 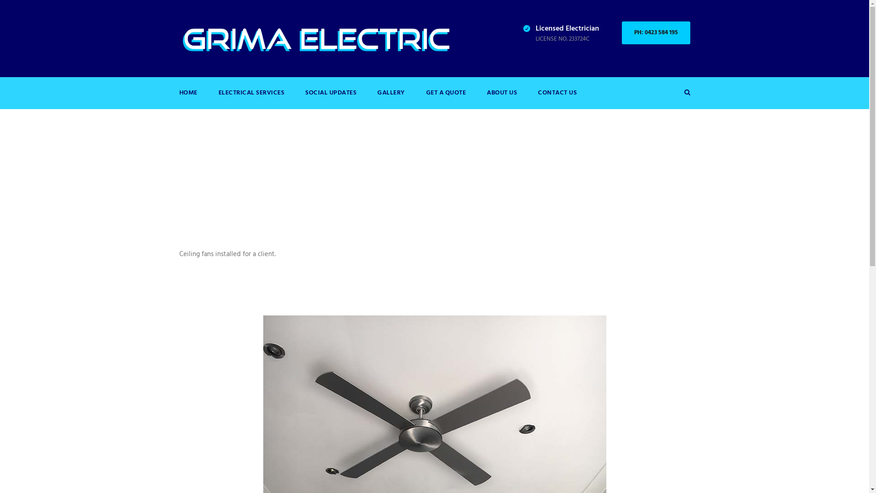 I want to click on 'ELECTRICAL SERVICES', so click(x=251, y=98).